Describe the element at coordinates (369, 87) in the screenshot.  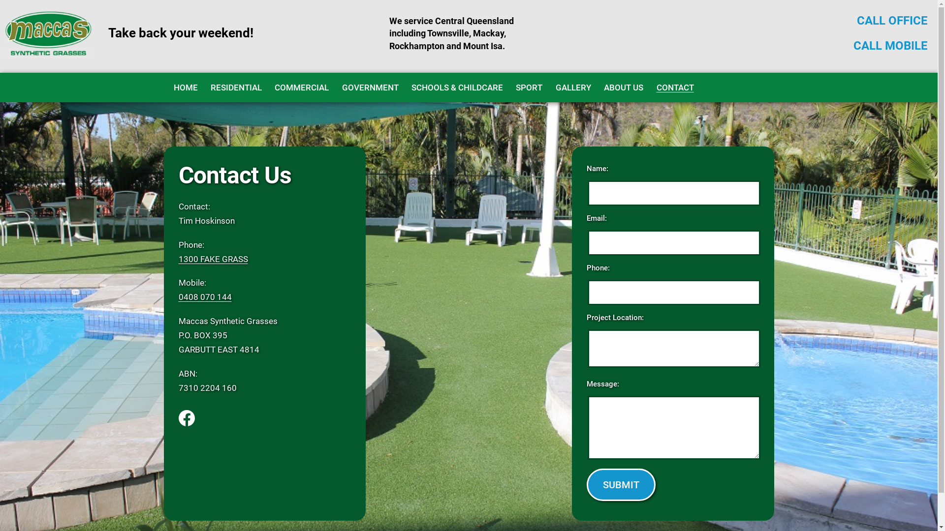
I see `'GOVERNMENT'` at that location.